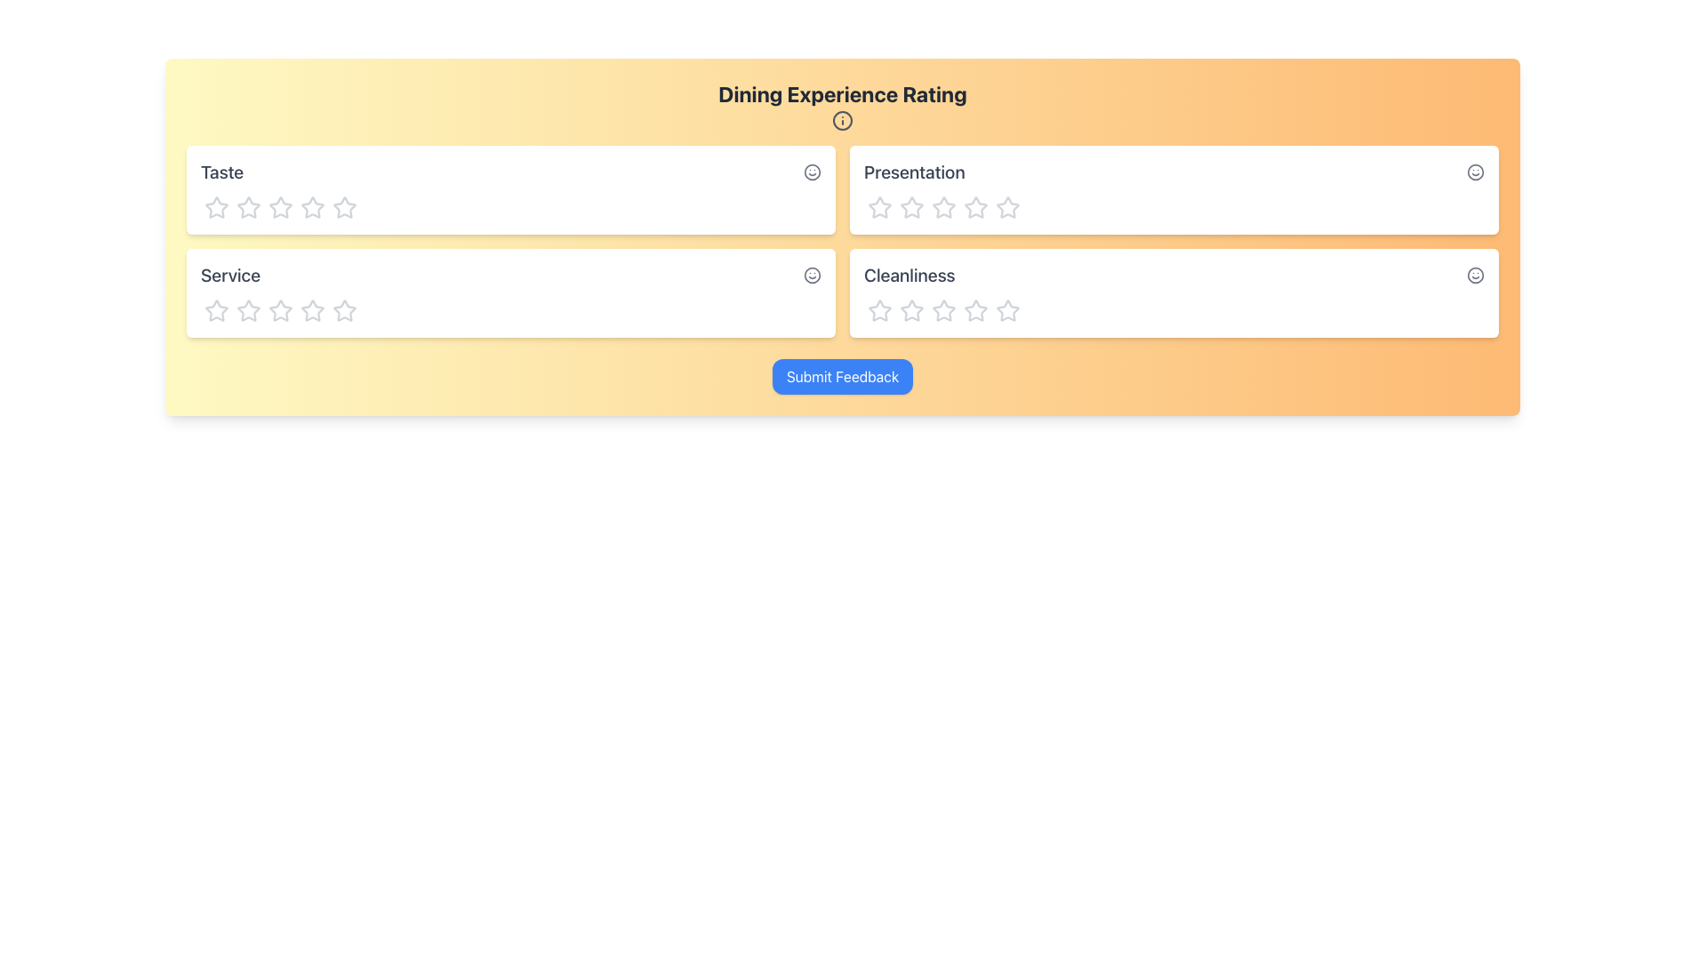  Describe the element at coordinates (1174, 205) in the screenshot. I see `the star in the 'Presentation' rating control` at that location.